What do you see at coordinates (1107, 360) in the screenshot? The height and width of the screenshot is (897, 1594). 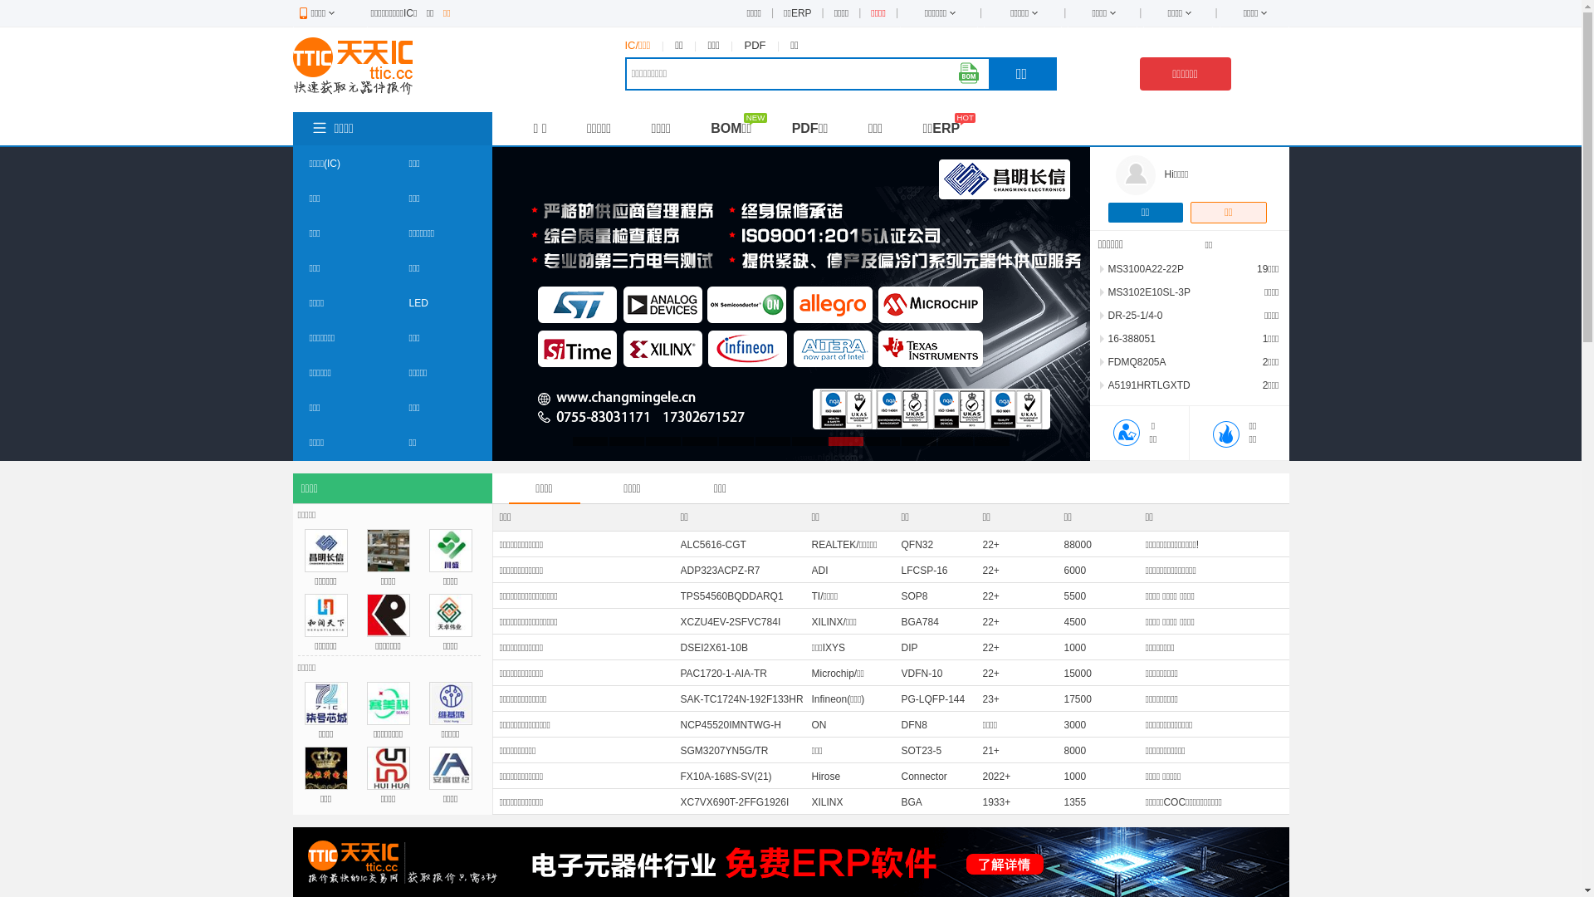 I see `'FDMQ8205A'` at bounding box center [1107, 360].